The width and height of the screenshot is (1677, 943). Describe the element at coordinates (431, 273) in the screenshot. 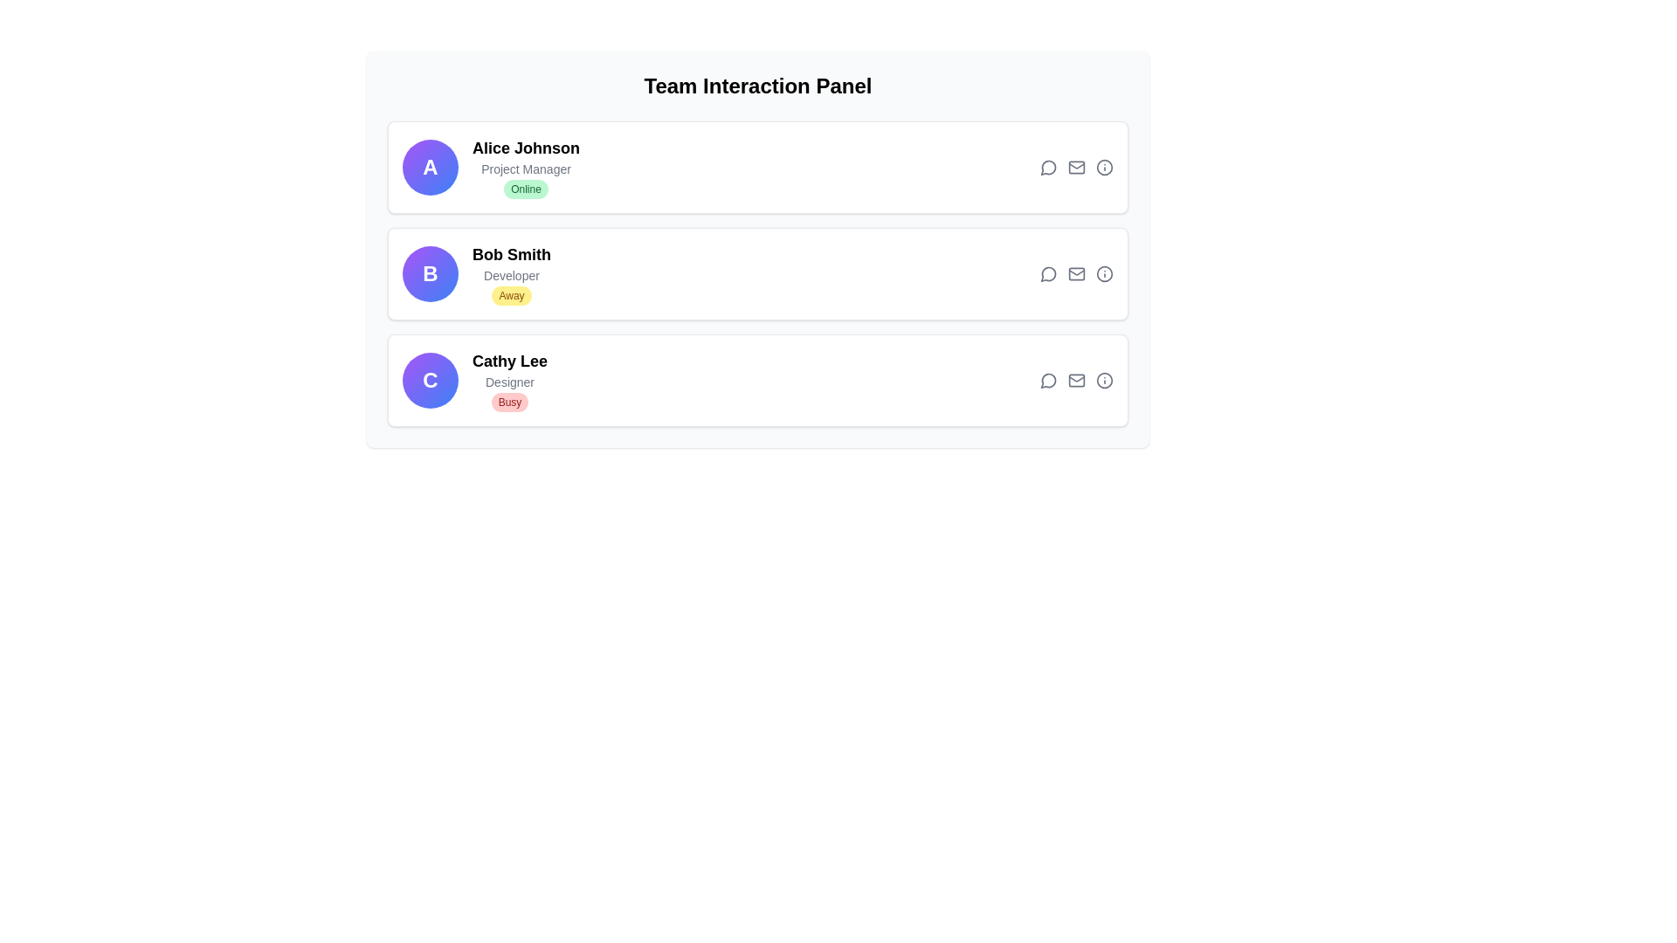

I see `the Profile Avatar circular badge featuring a gradient background from purple to blue with a bold white letter 'B' in the center, located on the user profile card for 'Bob Smith'` at that location.